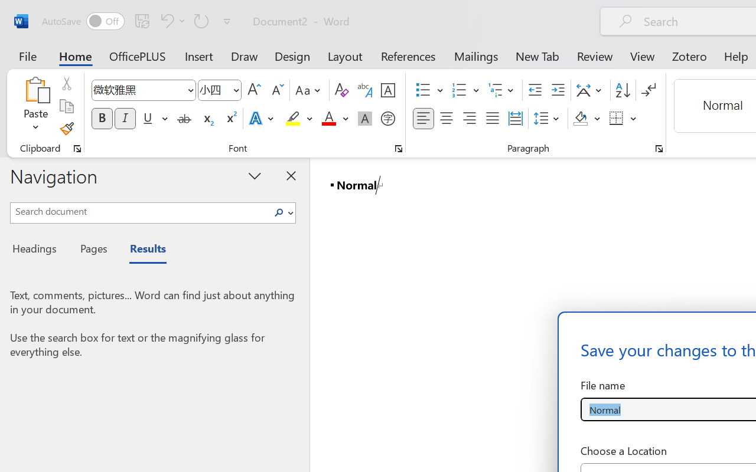 This screenshot has width=756, height=472. I want to click on 'Can', so click(201, 20).